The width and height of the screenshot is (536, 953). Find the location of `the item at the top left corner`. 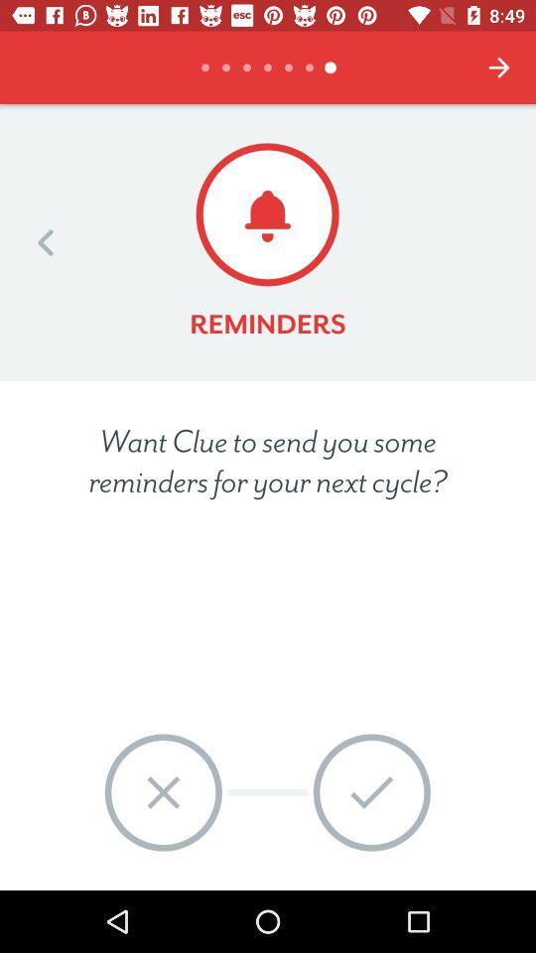

the item at the top left corner is located at coordinates (46, 241).